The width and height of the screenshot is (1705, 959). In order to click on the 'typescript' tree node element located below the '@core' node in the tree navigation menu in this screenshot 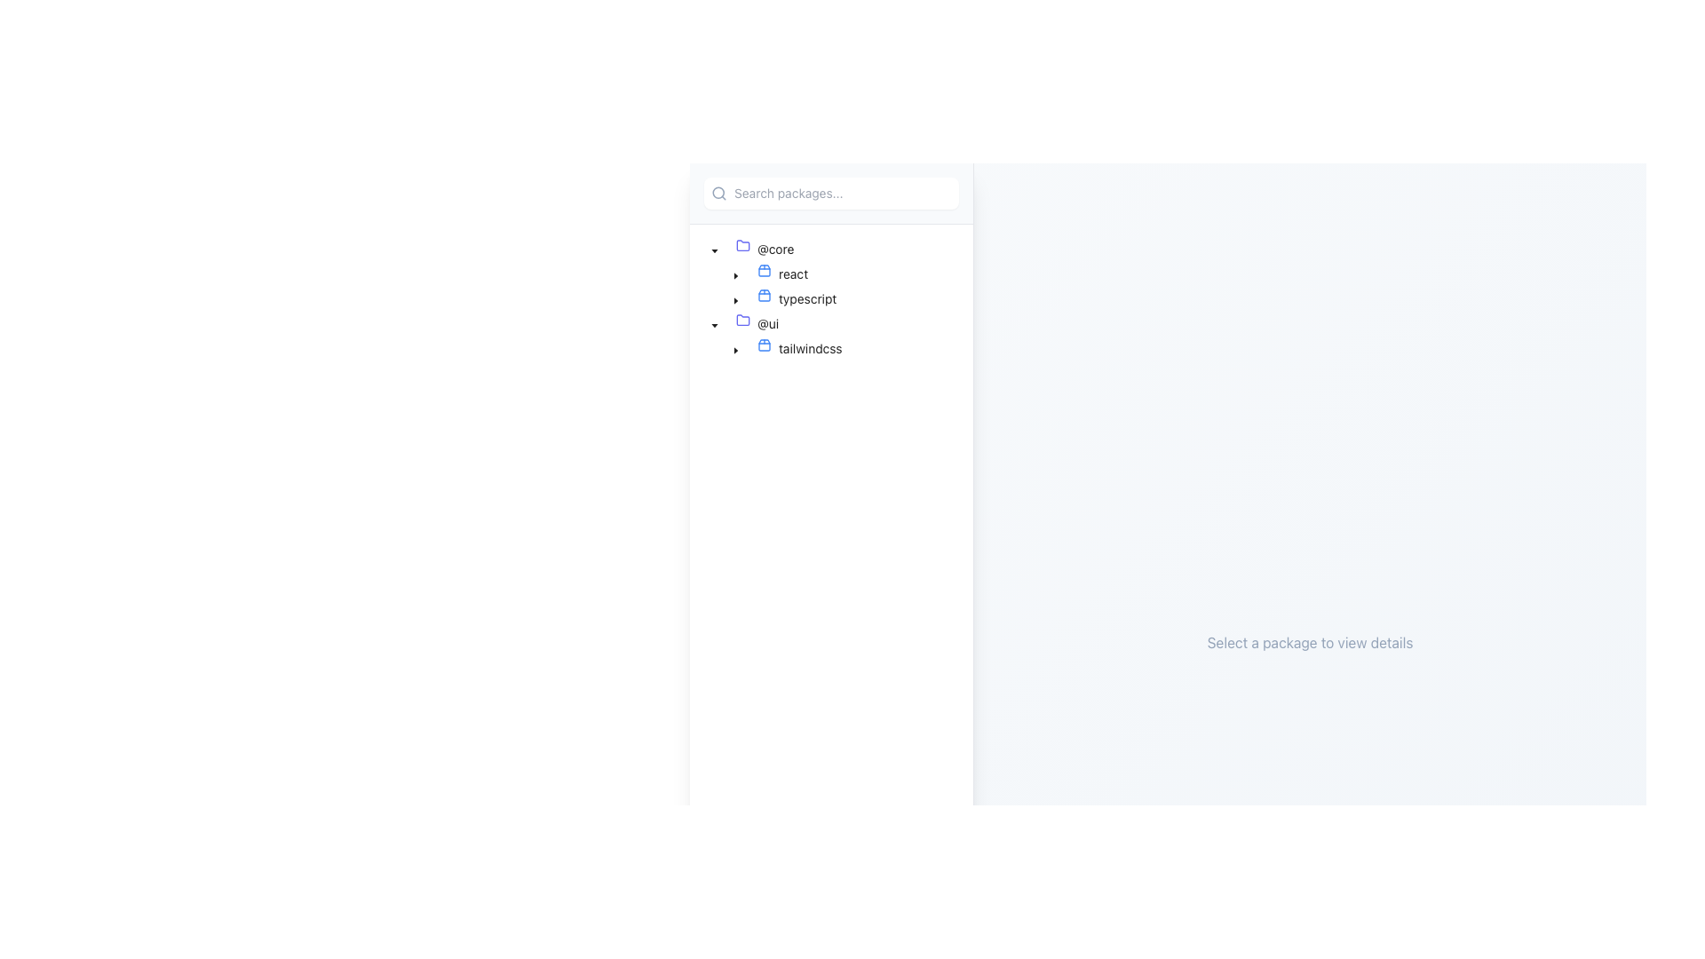, I will do `click(796, 297)`.